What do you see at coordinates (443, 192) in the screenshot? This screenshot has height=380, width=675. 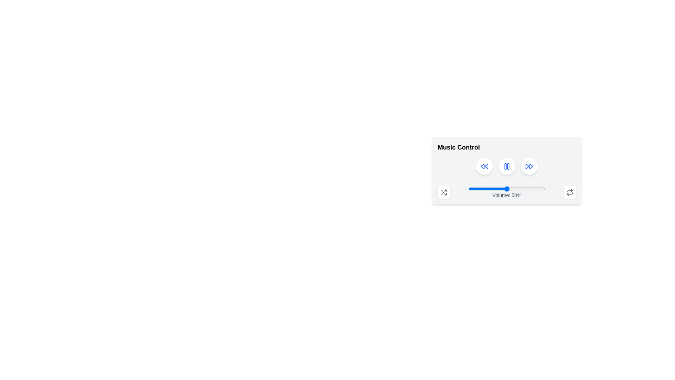 I see `the shuffle icon button located in the bottom-right corner of the Music Control interface` at bounding box center [443, 192].